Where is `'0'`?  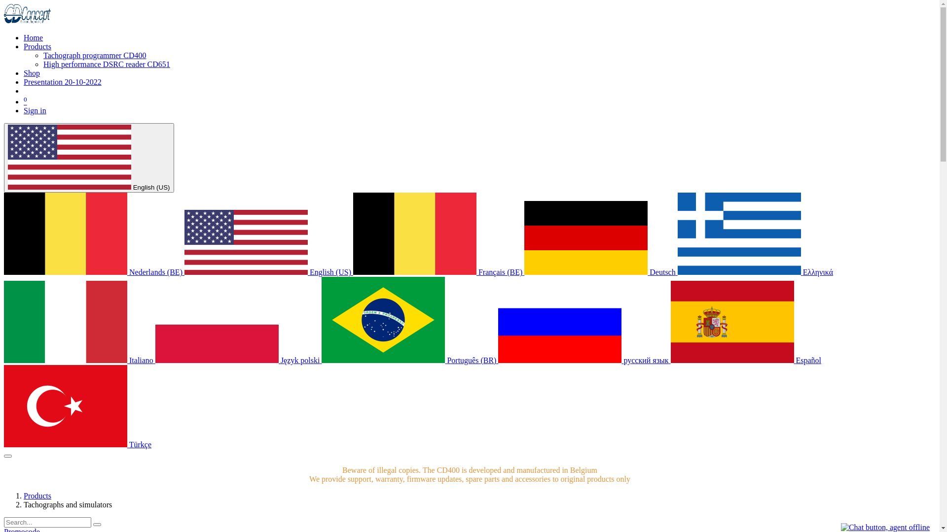 '0' is located at coordinates (25, 101).